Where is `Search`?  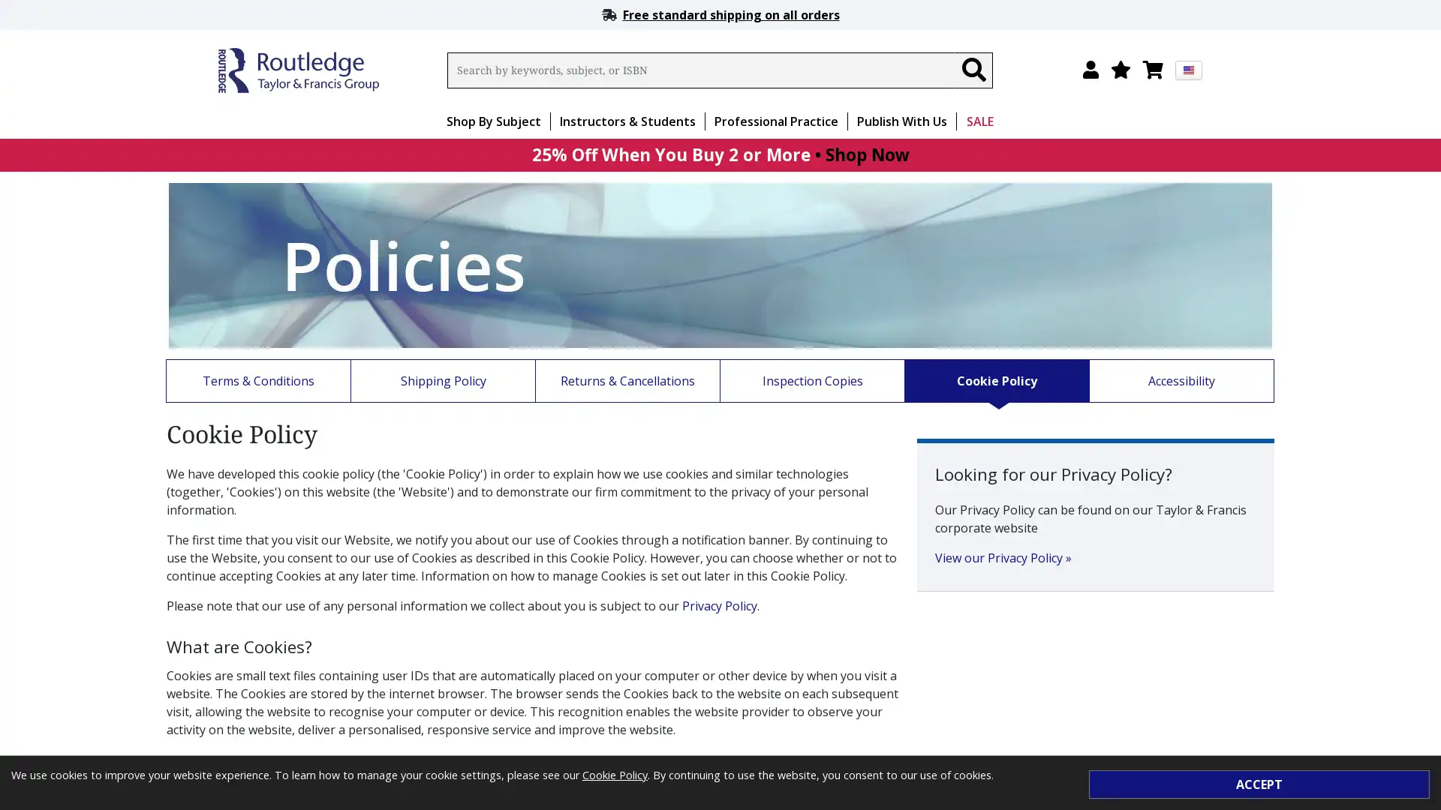 Search is located at coordinates (973, 70).